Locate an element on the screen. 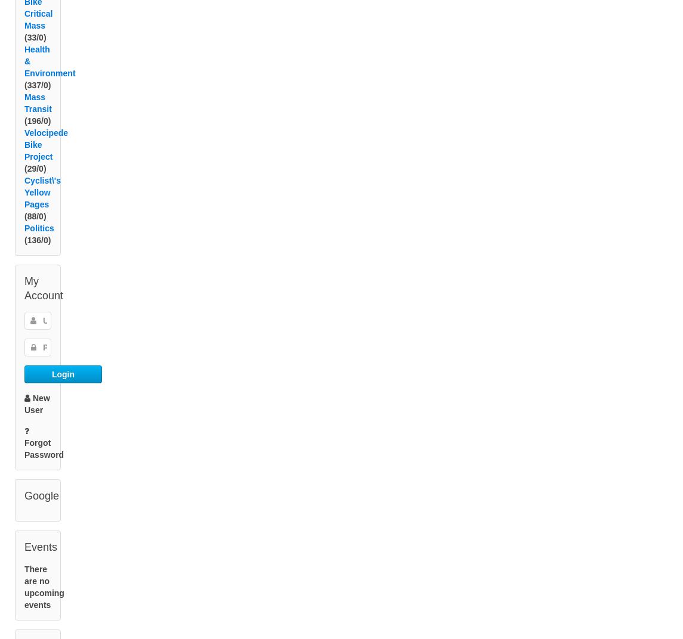  'Velocipede Bike Project' is located at coordinates (46, 159).